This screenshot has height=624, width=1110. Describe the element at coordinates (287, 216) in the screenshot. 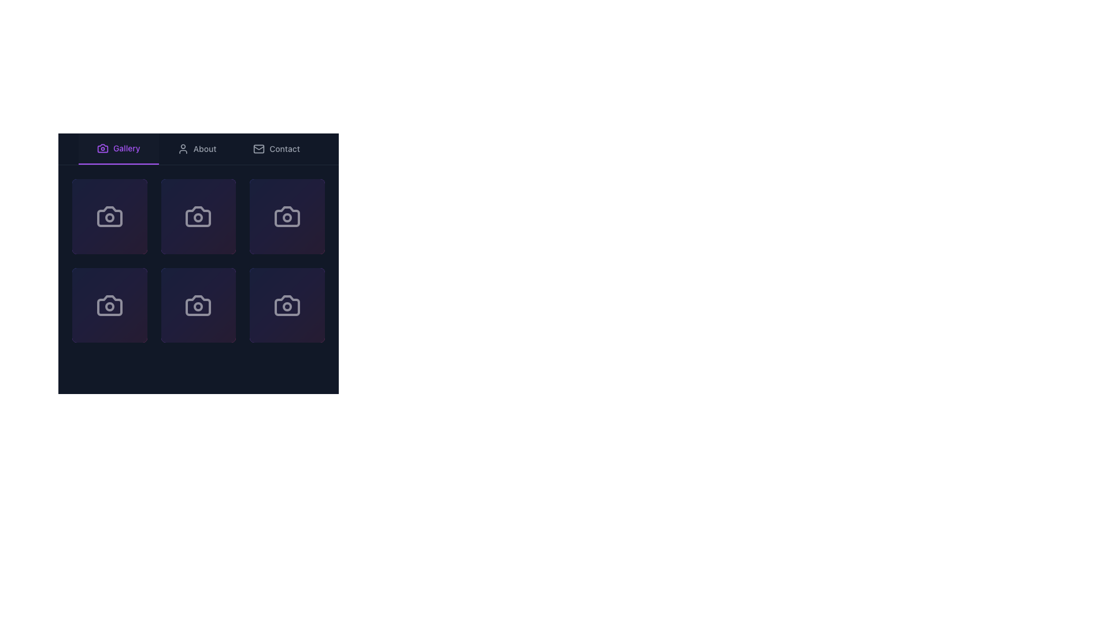

I see `the selectable card with an icon that represents a photo or camera-related action, located in the third column of the first row in a 3x2 grid` at that location.